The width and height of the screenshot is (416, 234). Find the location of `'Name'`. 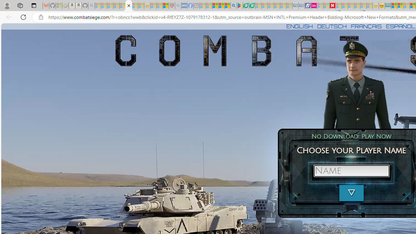

'Name' is located at coordinates (351, 170).